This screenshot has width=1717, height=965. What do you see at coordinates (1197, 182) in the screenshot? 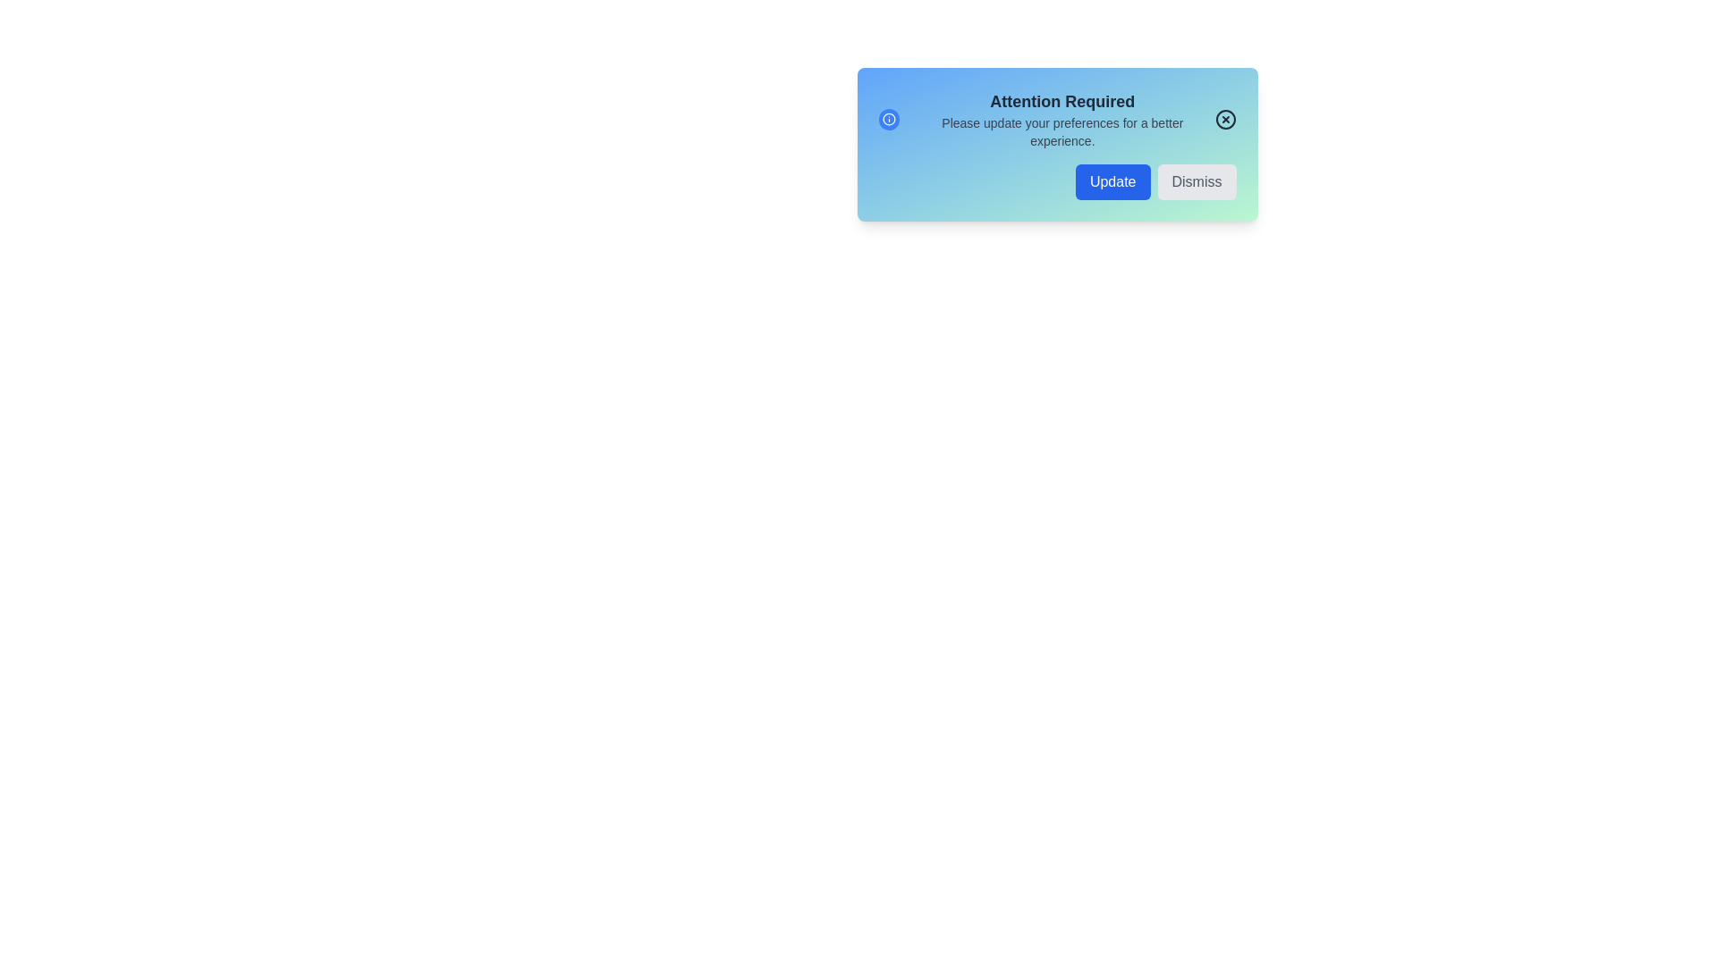
I see `the 'Dismiss' button to close the notification` at bounding box center [1197, 182].